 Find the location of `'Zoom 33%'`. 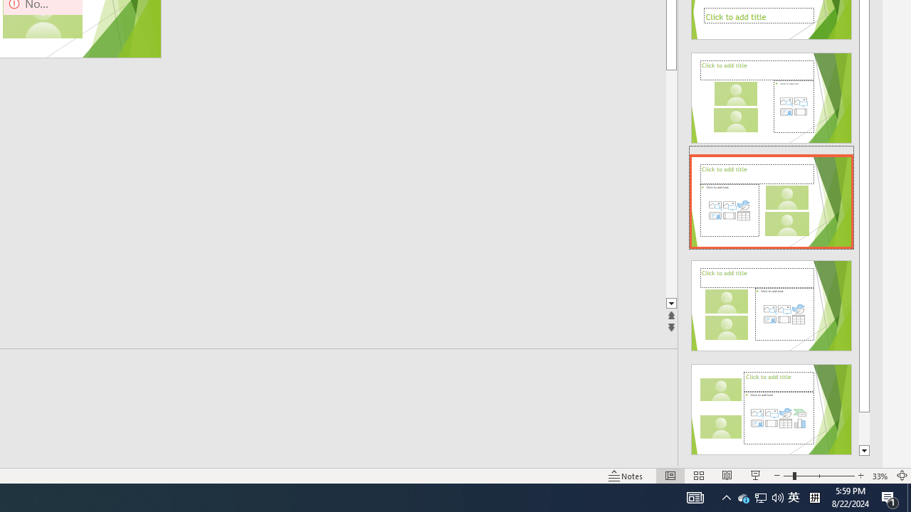

'Zoom 33%' is located at coordinates (880, 476).